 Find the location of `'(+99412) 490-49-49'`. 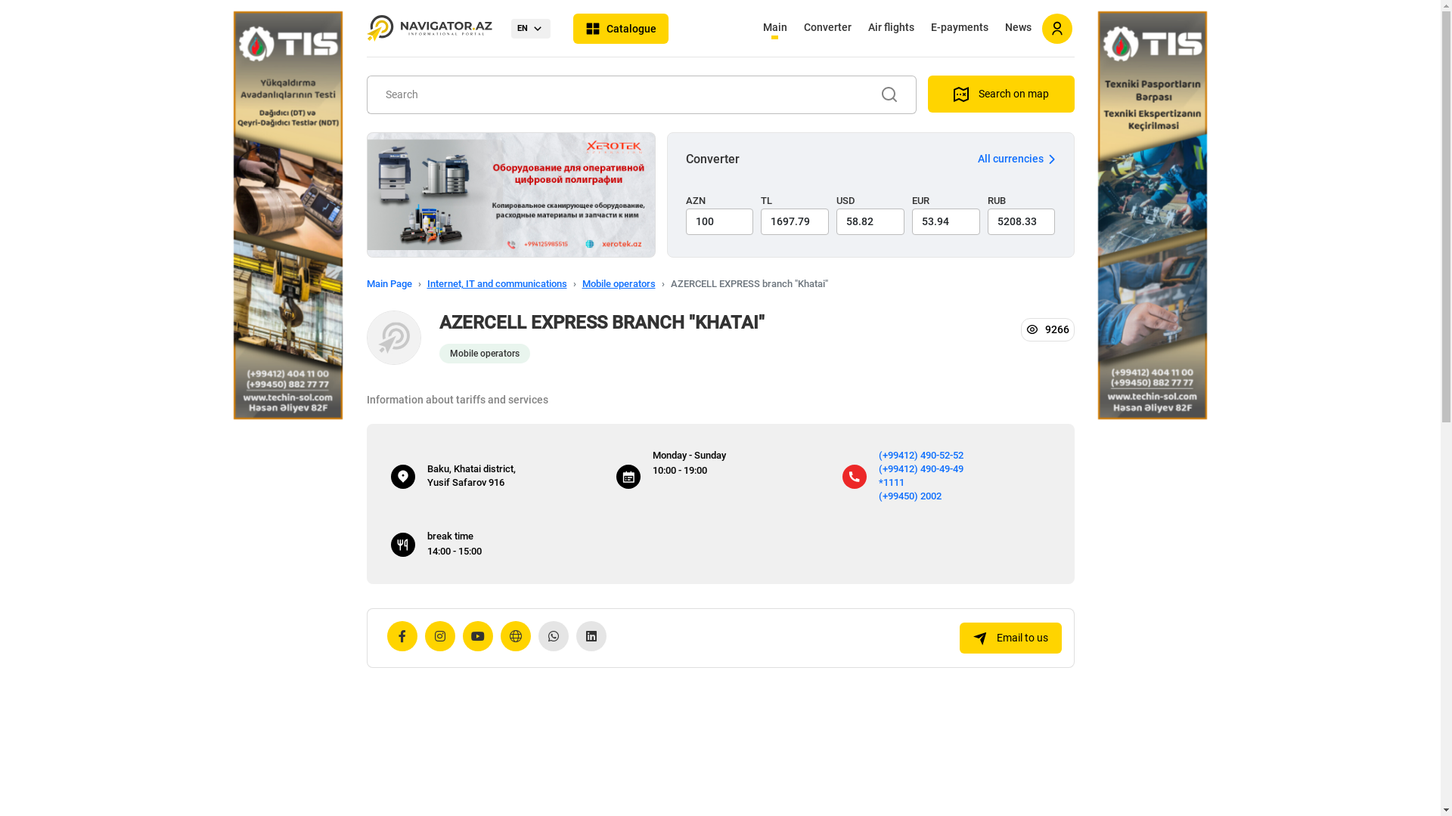

'(+99412) 490-49-49' is located at coordinates (920, 467).